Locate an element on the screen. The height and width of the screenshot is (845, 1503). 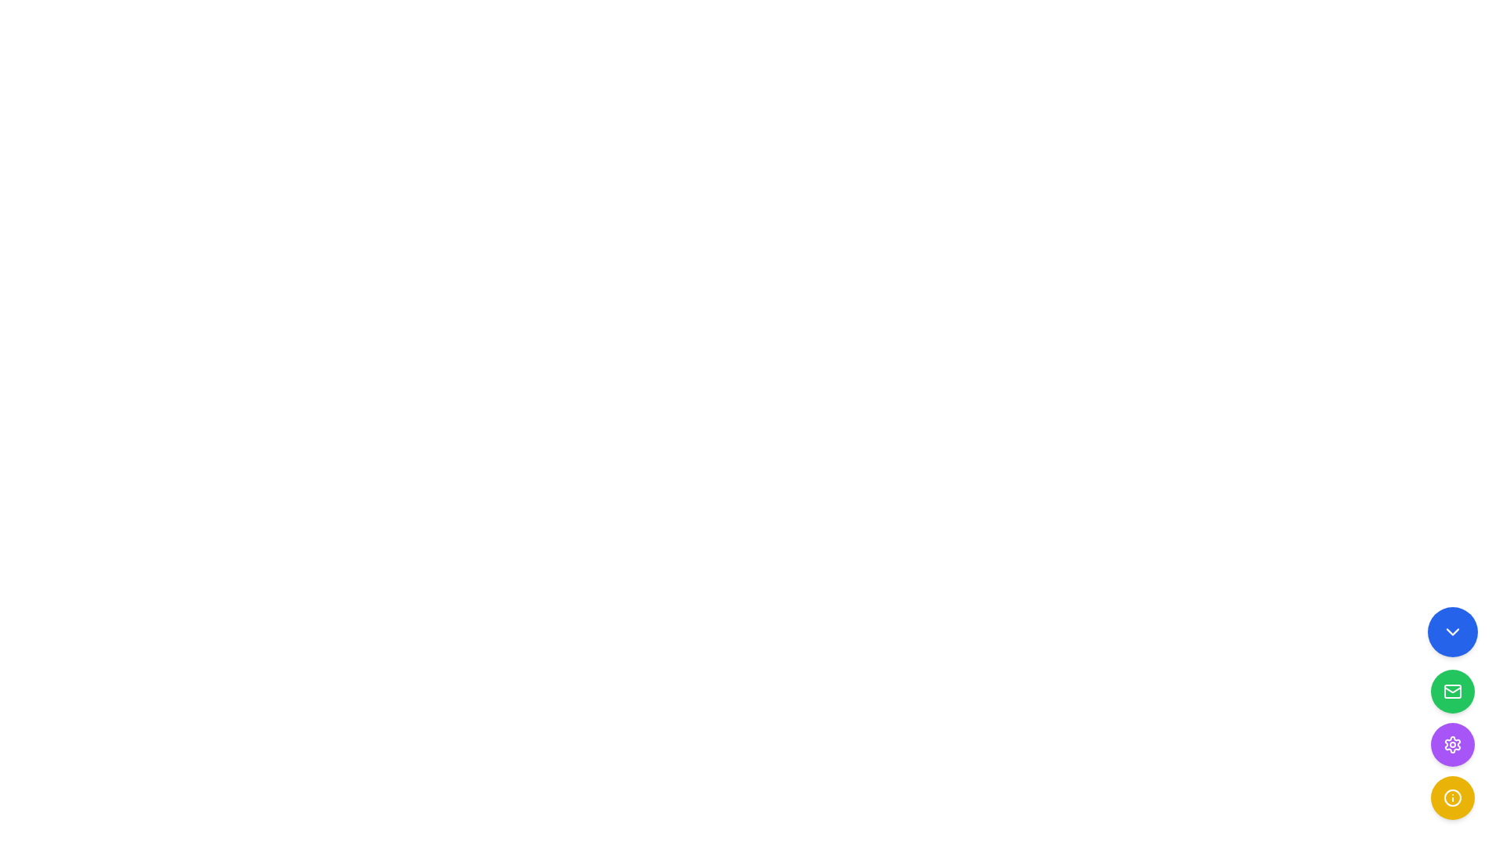
the second circular button on the right side of the interface to observe the hover effect, which is located between a downward arrow button and a purple gear button is located at coordinates (1452, 690).